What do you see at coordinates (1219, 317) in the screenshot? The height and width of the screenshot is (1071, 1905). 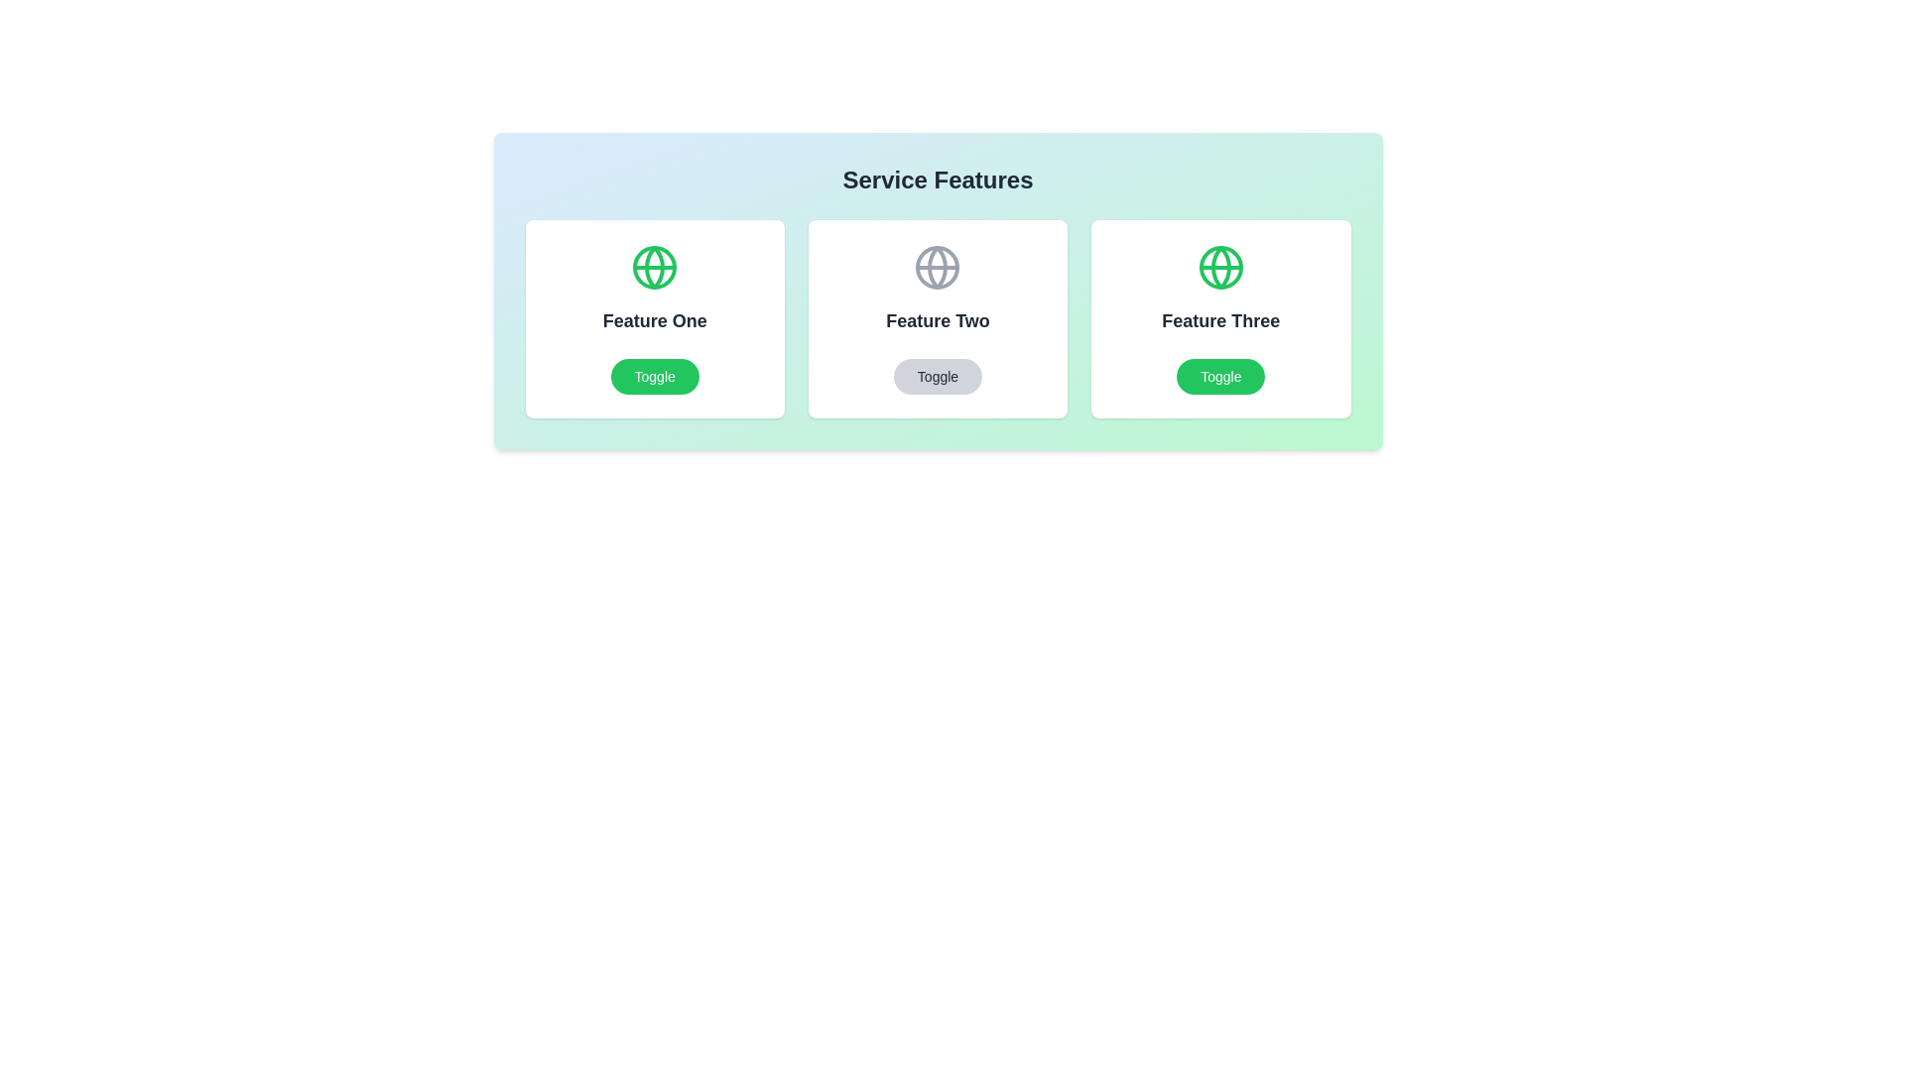 I see `the feature card for Feature Three` at bounding box center [1219, 317].